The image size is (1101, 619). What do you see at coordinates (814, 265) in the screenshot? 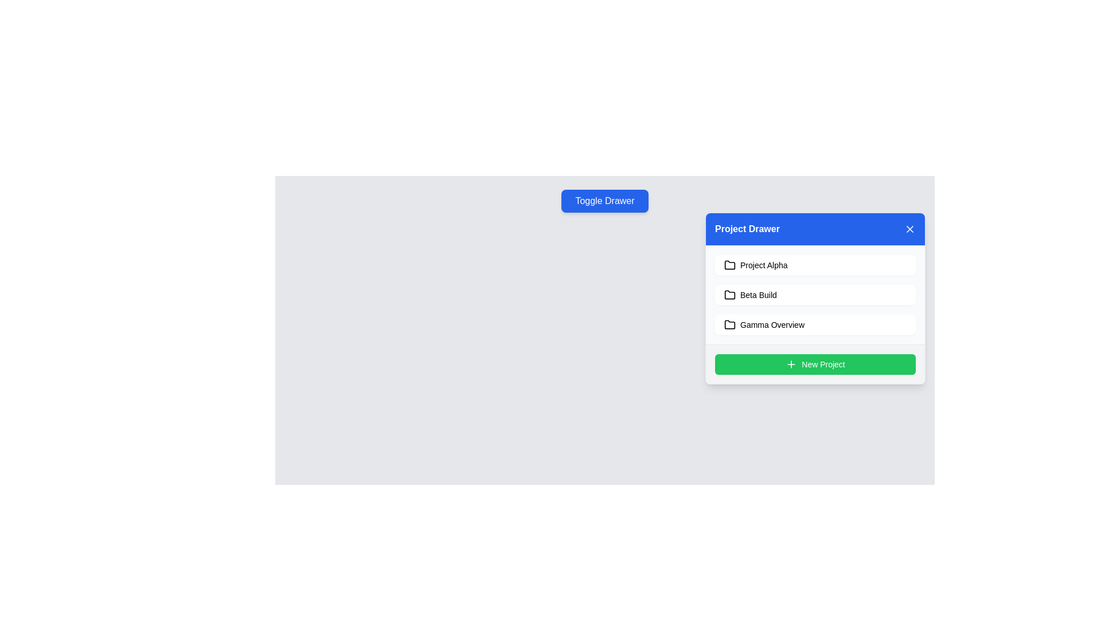
I see `the selectable project item button labeled 'Project Alpha'` at bounding box center [814, 265].